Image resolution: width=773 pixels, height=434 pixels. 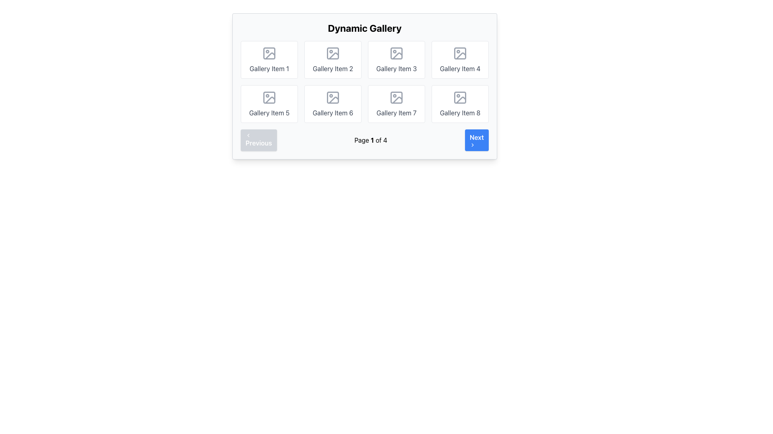 What do you see at coordinates (396, 97) in the screenshot?
I see `the image placeholder icon in the top portion of the card labeled 'Gallery Item 7', which is styled in a gray tone and indicates a disabled state` at bounding box center [396, 97].